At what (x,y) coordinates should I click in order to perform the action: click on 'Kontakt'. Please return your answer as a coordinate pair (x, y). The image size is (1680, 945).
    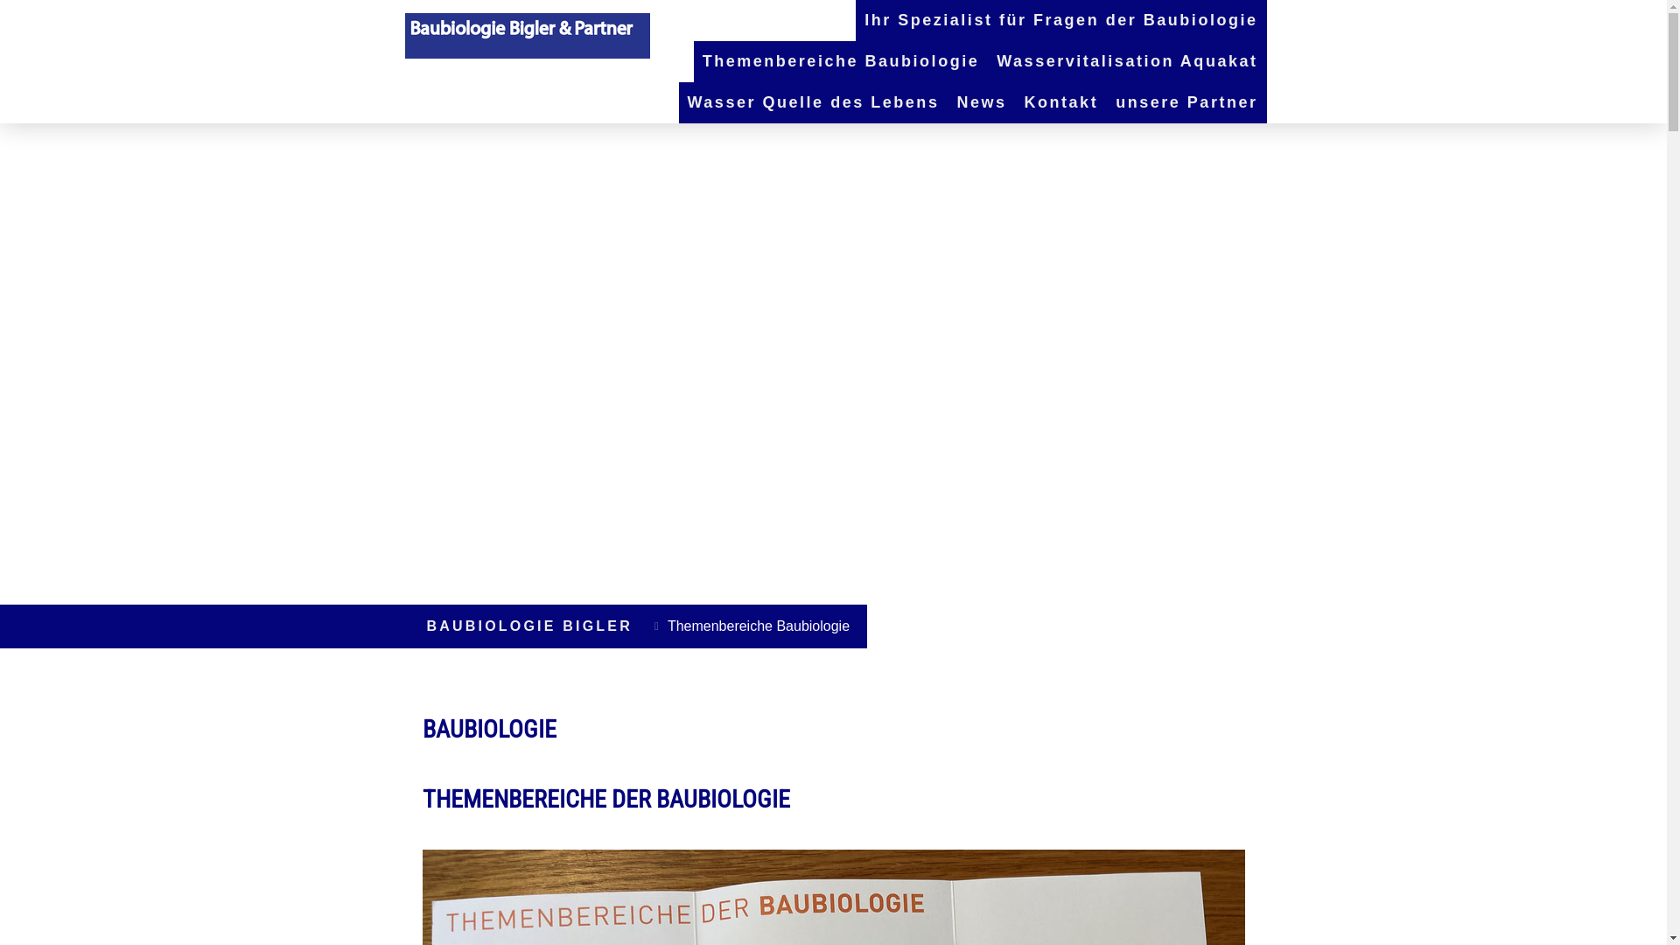
    Looking at the image, I should click on (1016, 102).